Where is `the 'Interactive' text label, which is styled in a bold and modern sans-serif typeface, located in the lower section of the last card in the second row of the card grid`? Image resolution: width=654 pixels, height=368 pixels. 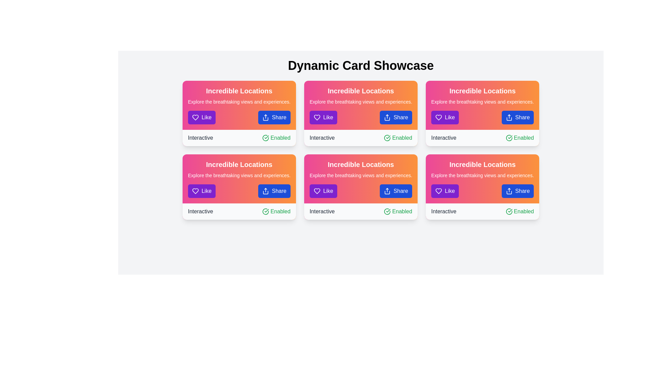 the 'Interactive' text label, which is styled in a bold and modern sans-serif typeface, located in the lower section of the last card in the second row of the card grid is located at coordinates (443, 211).